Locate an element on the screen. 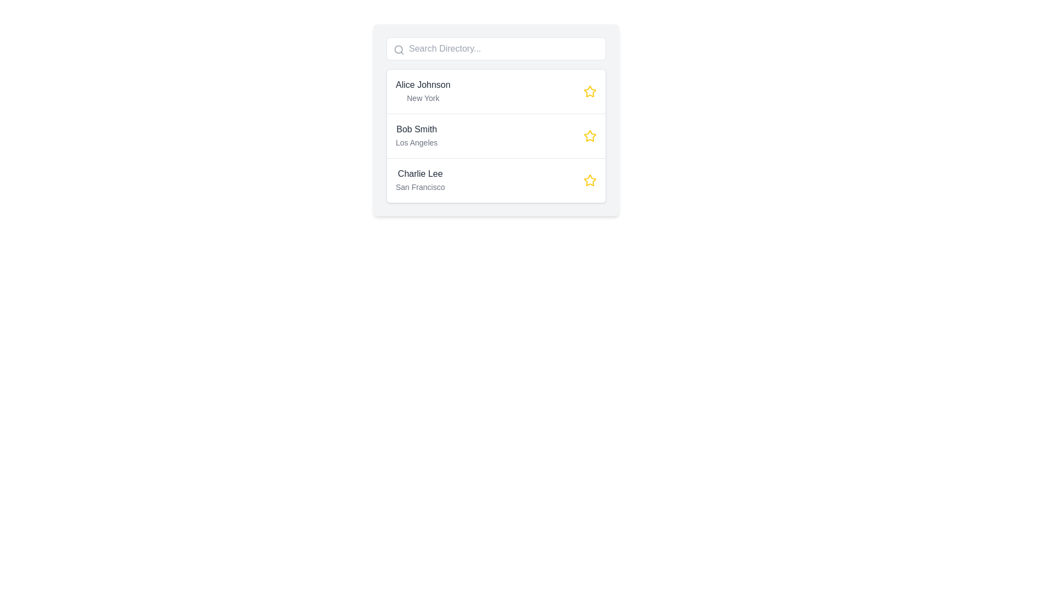  the text label displaying the location associated with 'Bob Smith', which is positioned below the main name in the user entry list is located at coordinates (416, 142).